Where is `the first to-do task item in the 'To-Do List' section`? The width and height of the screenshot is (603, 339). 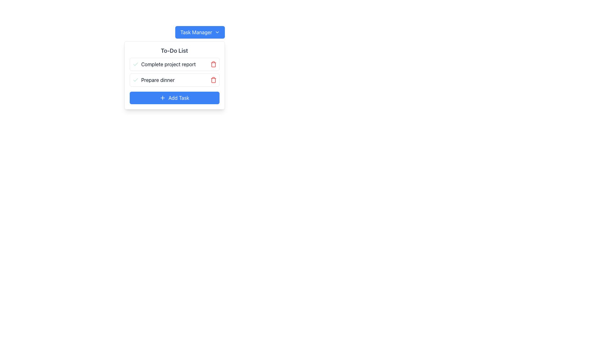
the first to-do task item in the 'To-Do List' section is located at coordinates (174, 64).